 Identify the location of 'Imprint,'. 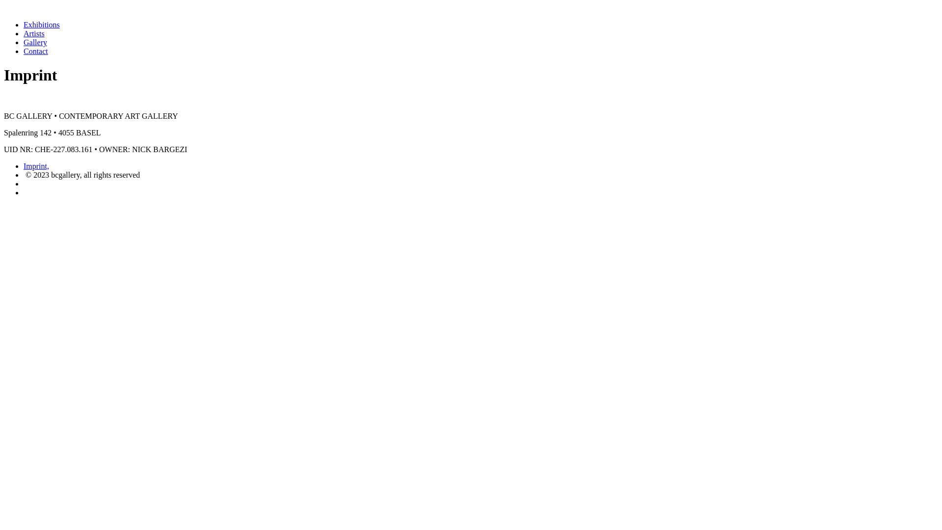
(36, 165).